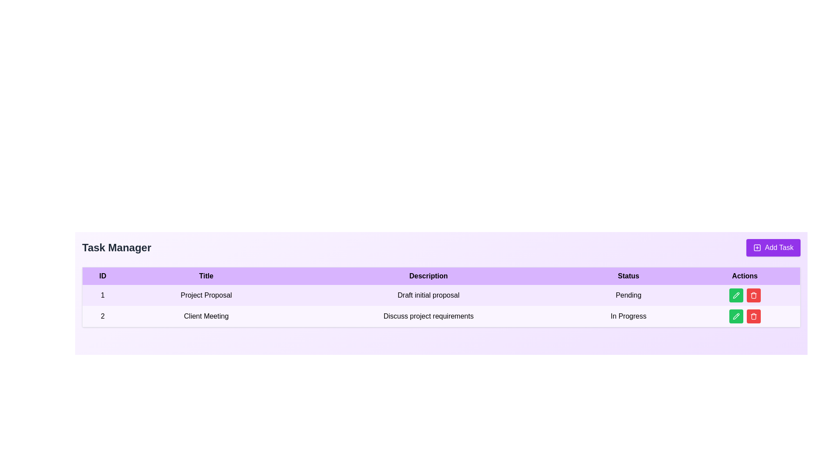 The width and height of the screenshot is (839, 472). What do you see at coordinates (735, 295) in the screenshot?
I see `the green button with a white pencil icon located in the Actions column of the first row labeled 'Project Proposal' to initiate editing` at bounding box center [735, 295].